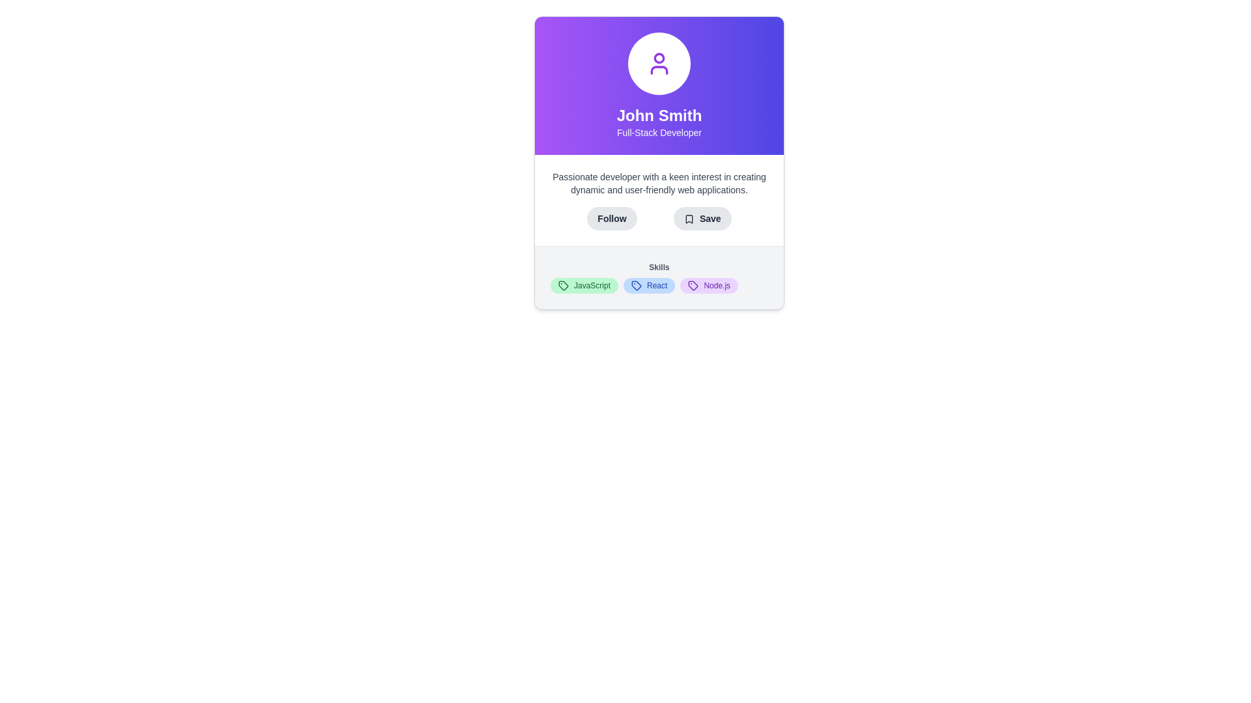 Image resolution: width=1251 pixels, height=703 pixels. I want to click on the 'Follow' button located in the profile card below the name 'John Smith' and above the 'Skills' section, so click(659, 200).